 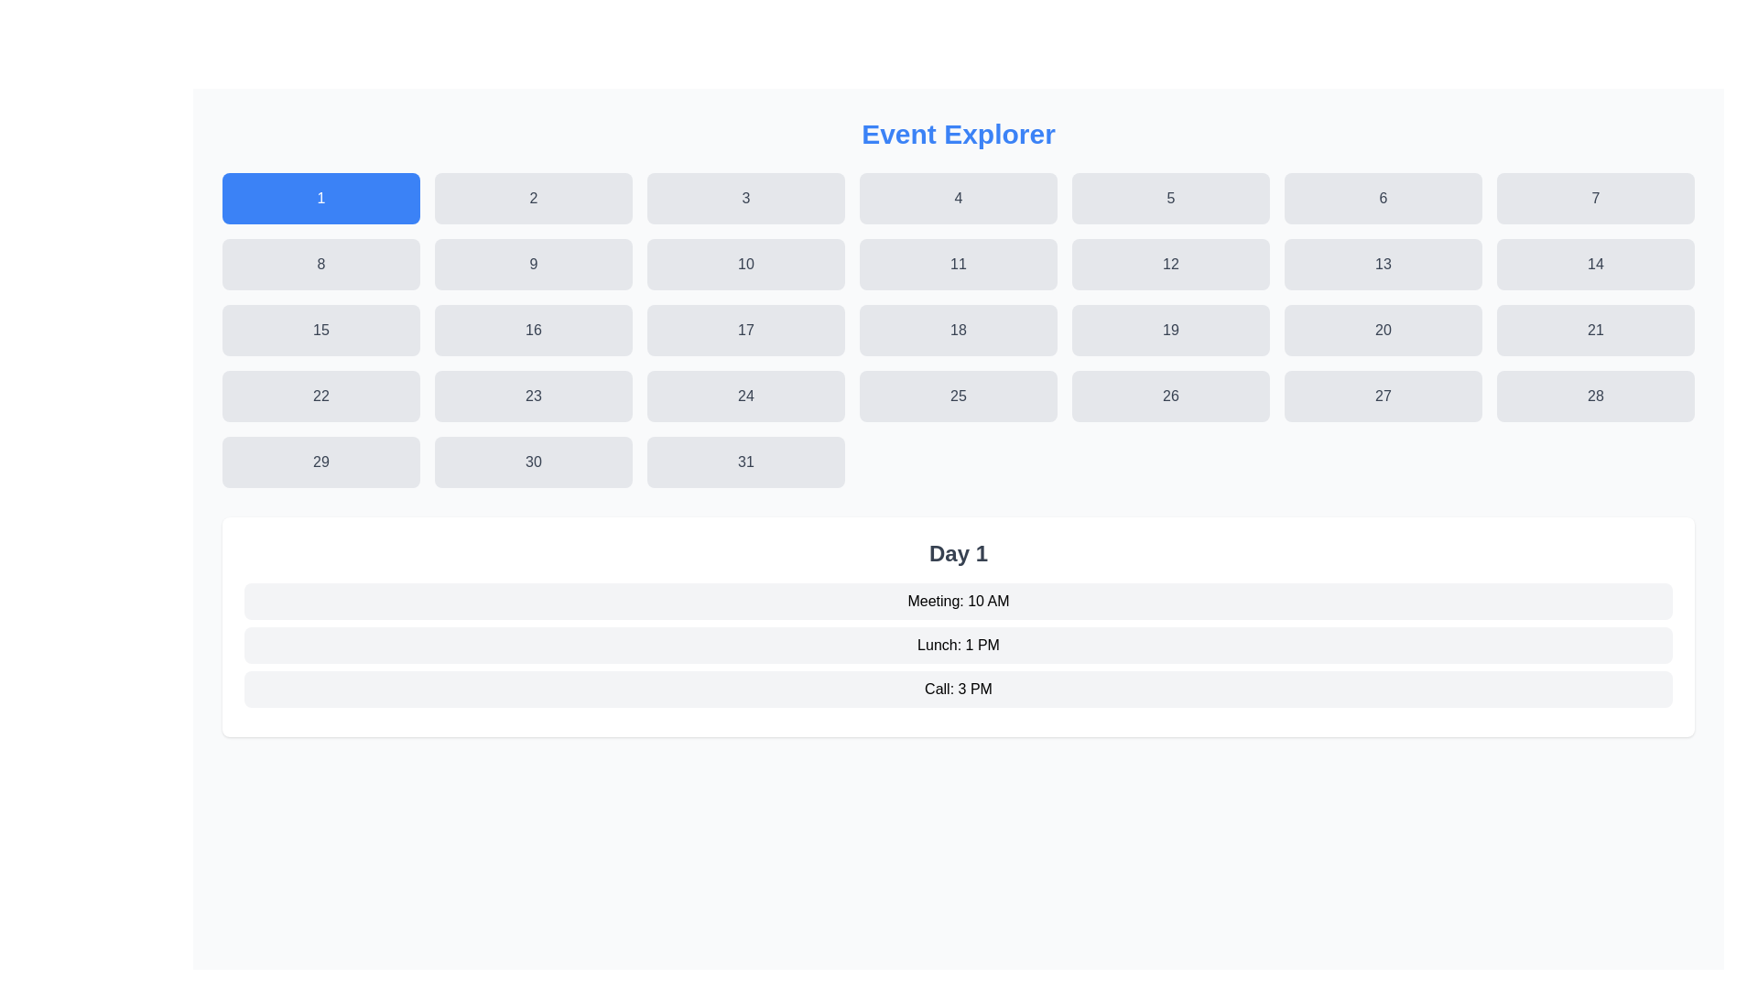 What do you see at coordinates (320, 462) in the screenshot?
I see `the button representing the selectable day '29' in the calendar interface` at bounding box center [320, 462].